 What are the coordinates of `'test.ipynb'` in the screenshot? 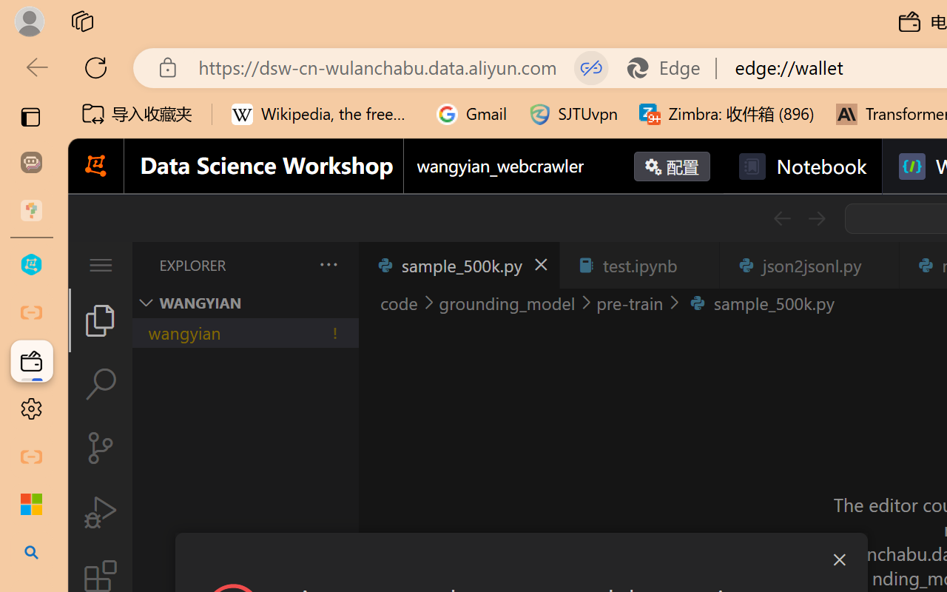 It's located at (639, 265).